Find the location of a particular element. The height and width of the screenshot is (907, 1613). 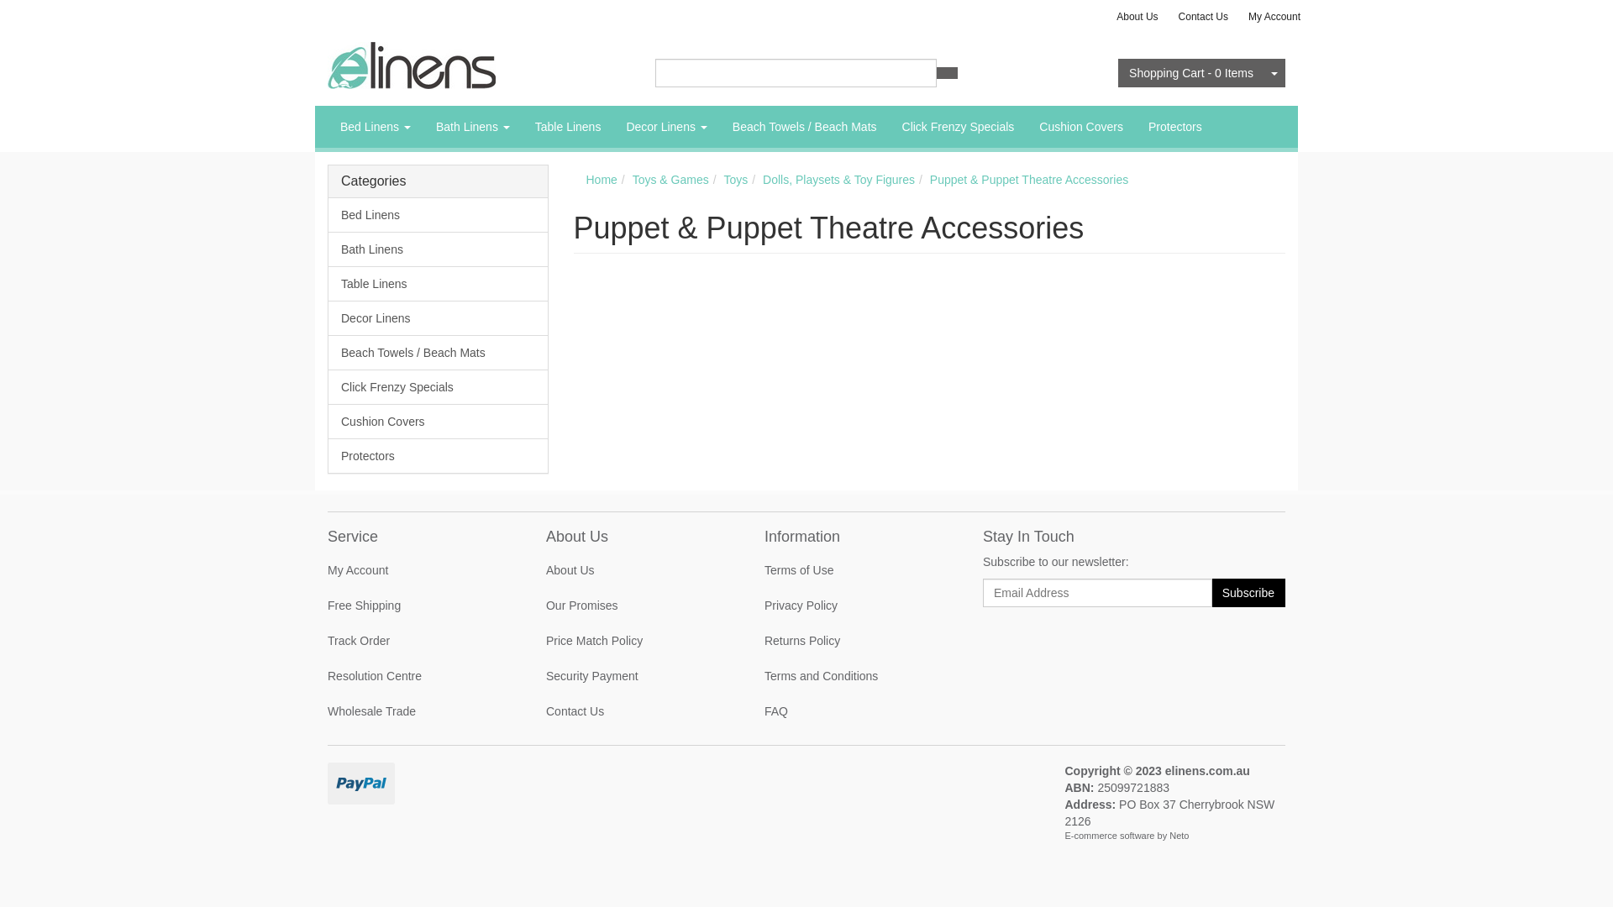

'Subscribe' is located at coordinates (1211, 591).